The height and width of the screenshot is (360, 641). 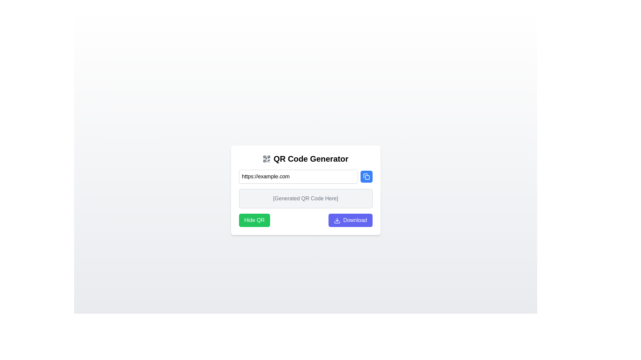 I want to click on the text label that indicates where the generated QR code will appear, which is positioned below the input field and above the 'Hide QR' and 'Download' buttons, so click(x=305, y=198).